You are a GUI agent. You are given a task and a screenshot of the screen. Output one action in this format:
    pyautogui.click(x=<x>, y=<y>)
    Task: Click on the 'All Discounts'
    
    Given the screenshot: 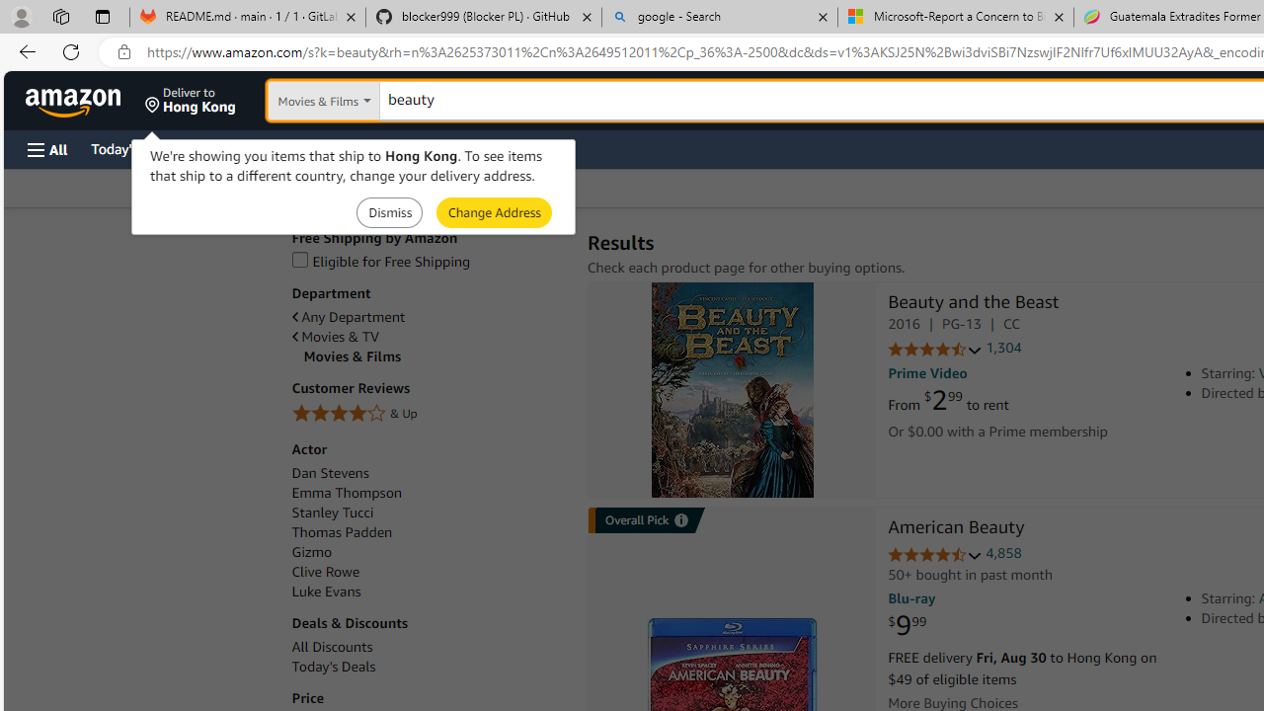 What is the action you would take?
    pyautogui.click(x=332, y=647)
    